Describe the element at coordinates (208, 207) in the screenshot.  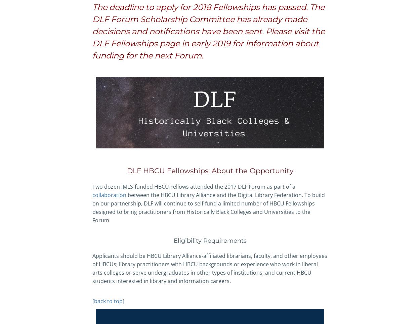
I see `'between the HBCU Library Alliance and the Digital Library Federation. To build on our partnership, DLF will continue to self-fund a limited number of HBCU Fellowships designed to bring practitioners from Historically Black Colleges and Universities to the Forum.'` at that location.